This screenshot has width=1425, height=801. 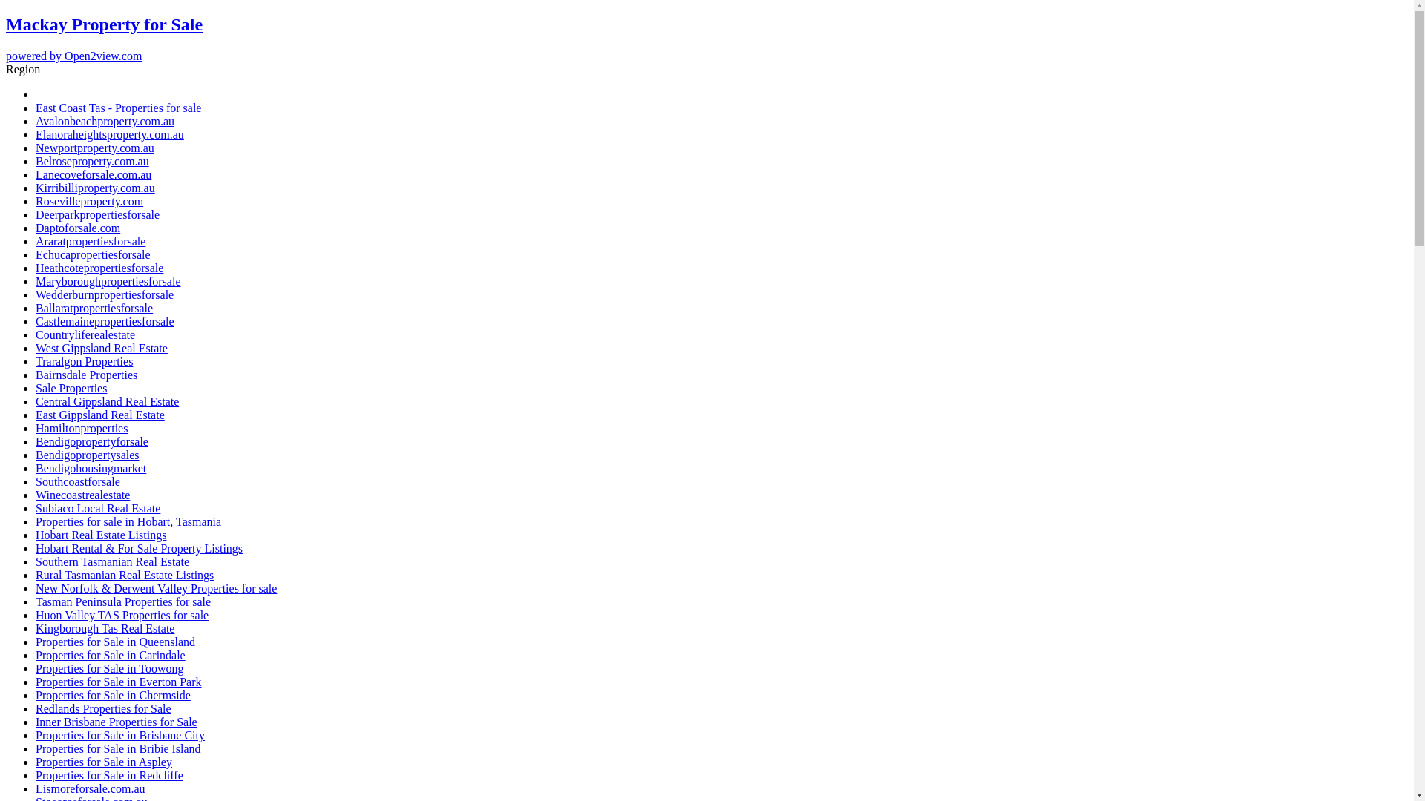 What do you see at coordinates (85, 334) in the screenshot?
I see `'Countryliferealestate'` at bounding box center [85, 334].